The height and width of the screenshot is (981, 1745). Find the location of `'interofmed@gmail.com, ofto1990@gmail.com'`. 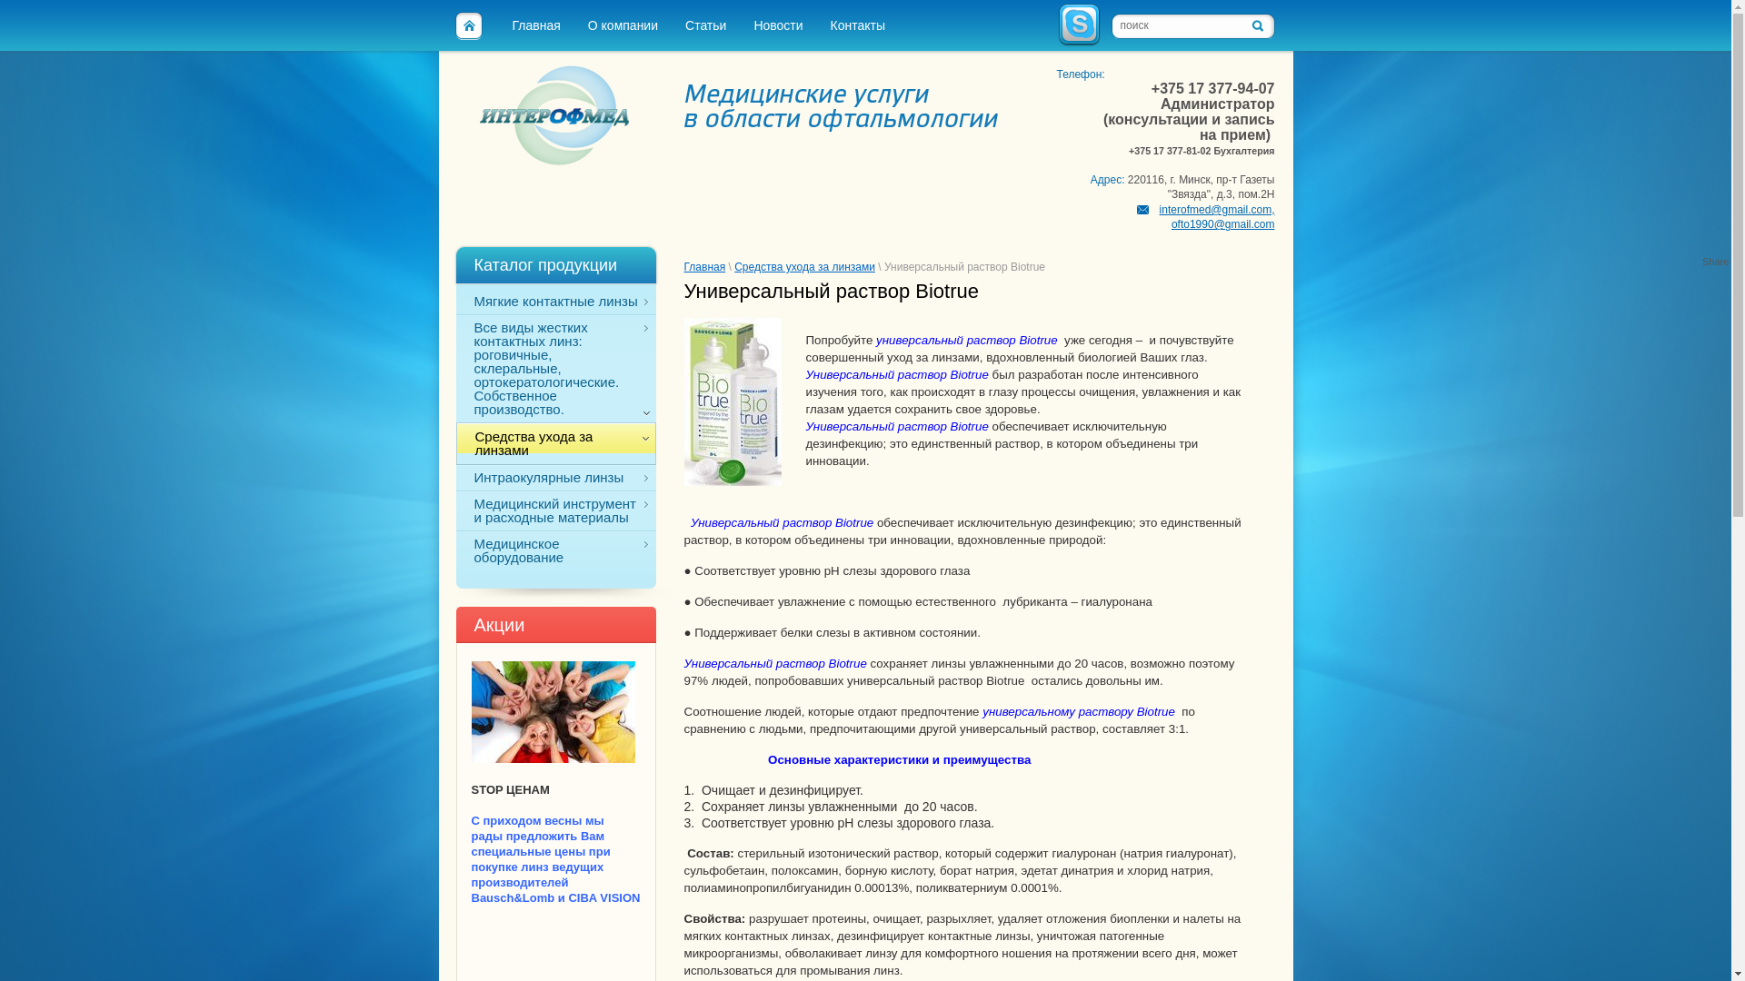

'interofmed@gmail.com, ofto1990@gmail.com' is located at coordinates (1205, 216).